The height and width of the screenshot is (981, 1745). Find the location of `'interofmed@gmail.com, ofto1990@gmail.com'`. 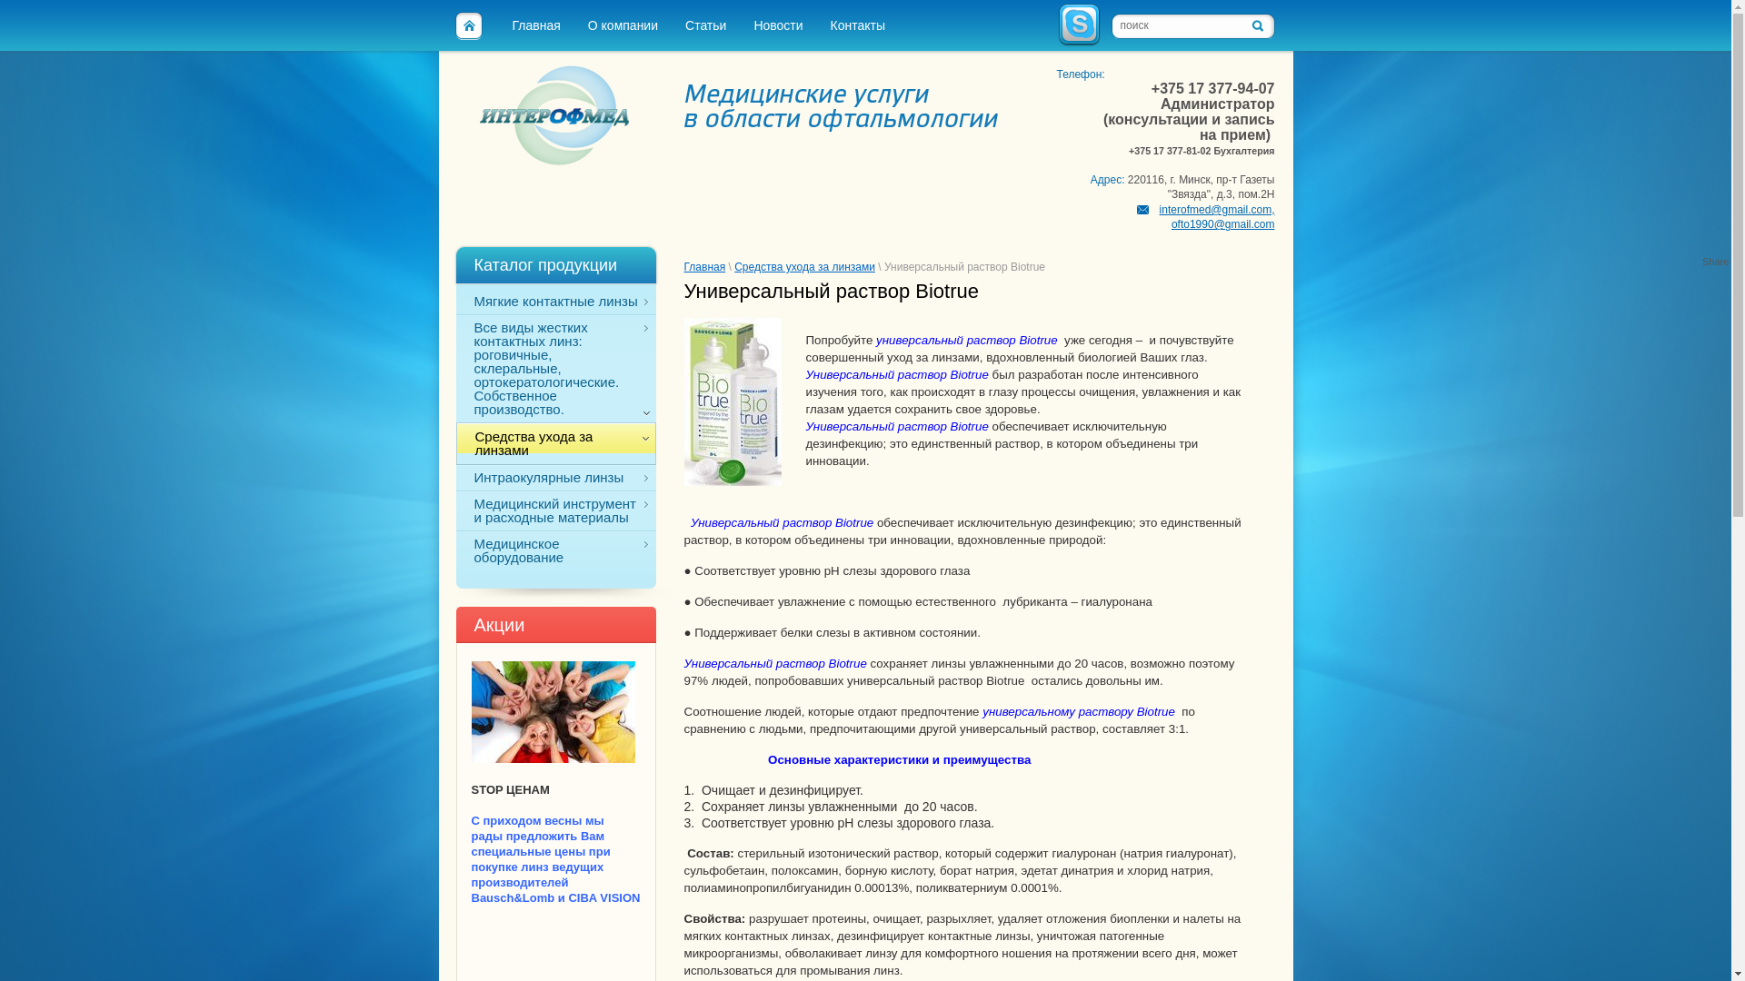

'interofmed@gmail.com, ofto1990@gmail.com' is located at coordinates (1205, 216).